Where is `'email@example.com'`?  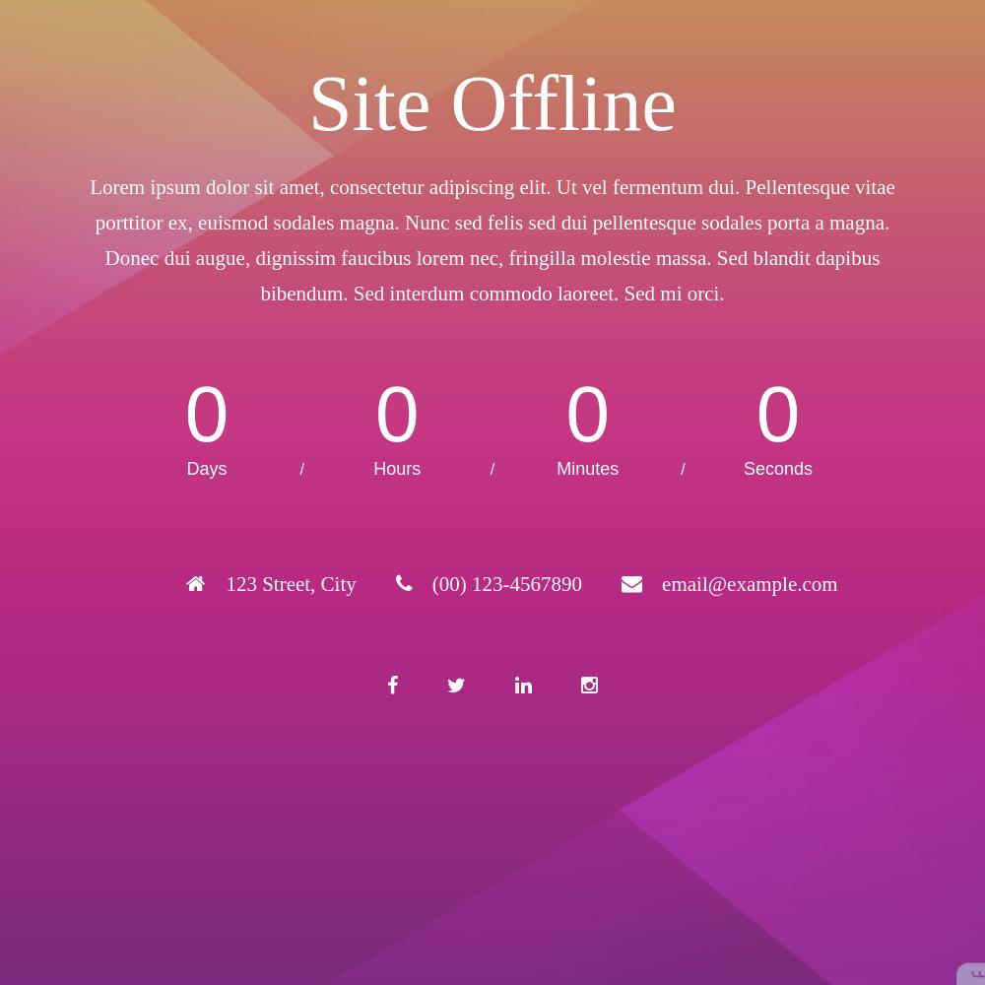 'email@example.com' is located at coordinates (662, 583).